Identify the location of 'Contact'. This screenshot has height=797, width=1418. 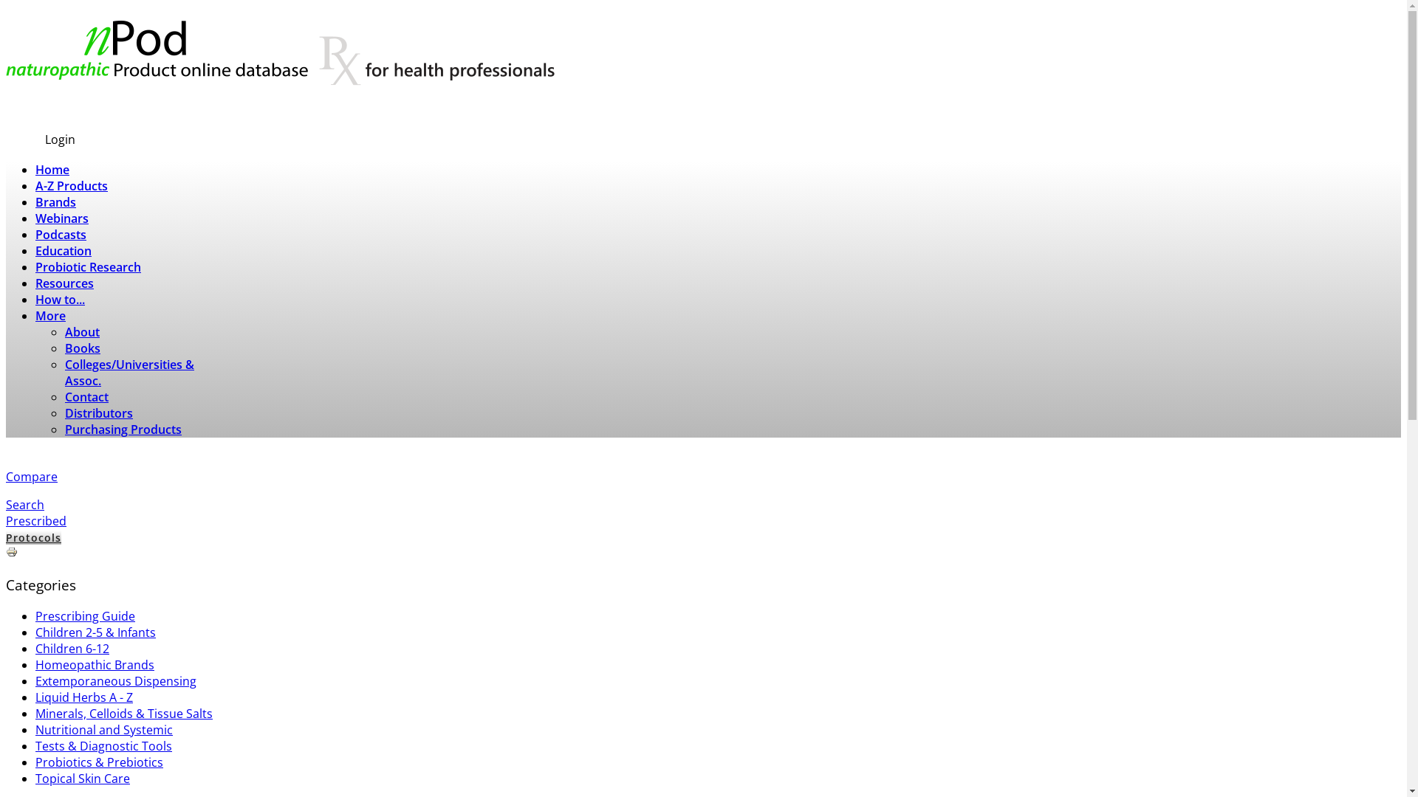
(86, 396).